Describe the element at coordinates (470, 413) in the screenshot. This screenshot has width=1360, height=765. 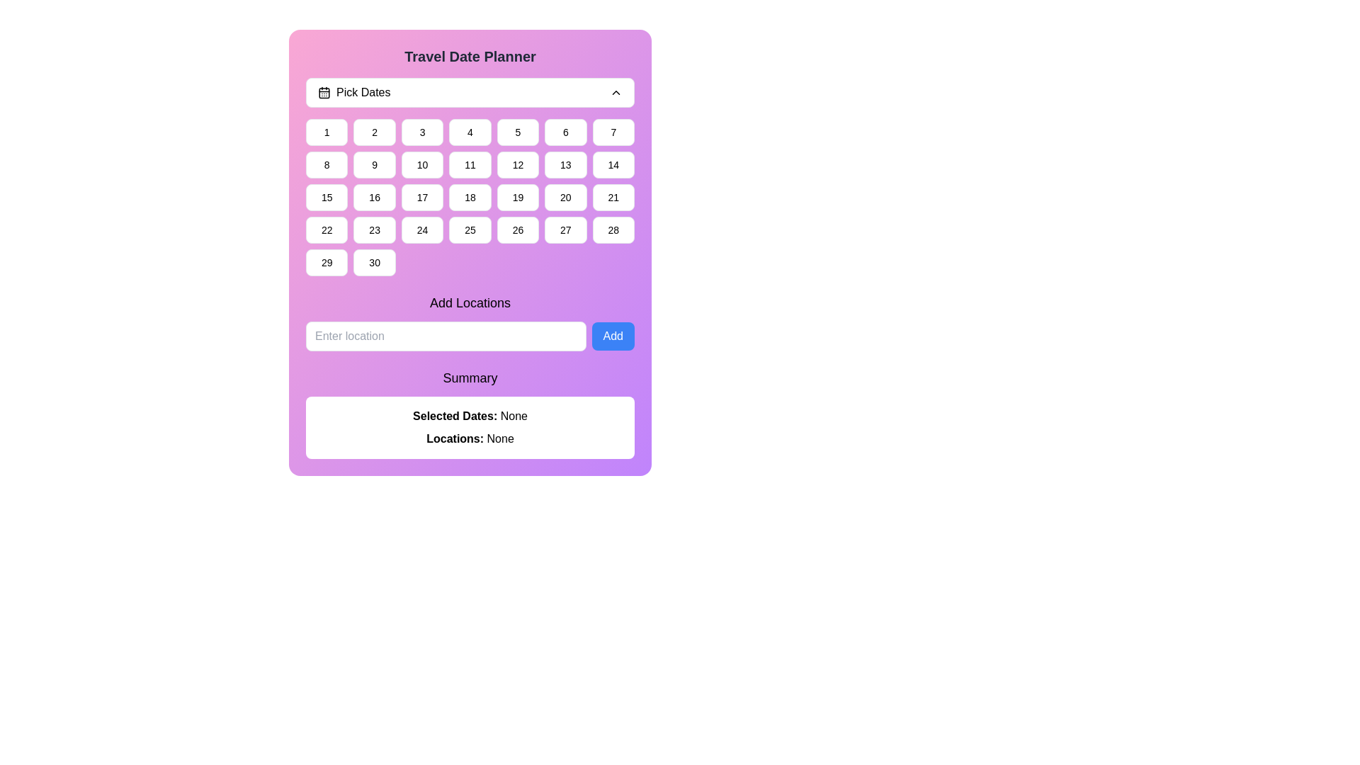
I see `summary information displayed in the Information Display Section located at the bottom of the Travel Date Planner layout` at that location.